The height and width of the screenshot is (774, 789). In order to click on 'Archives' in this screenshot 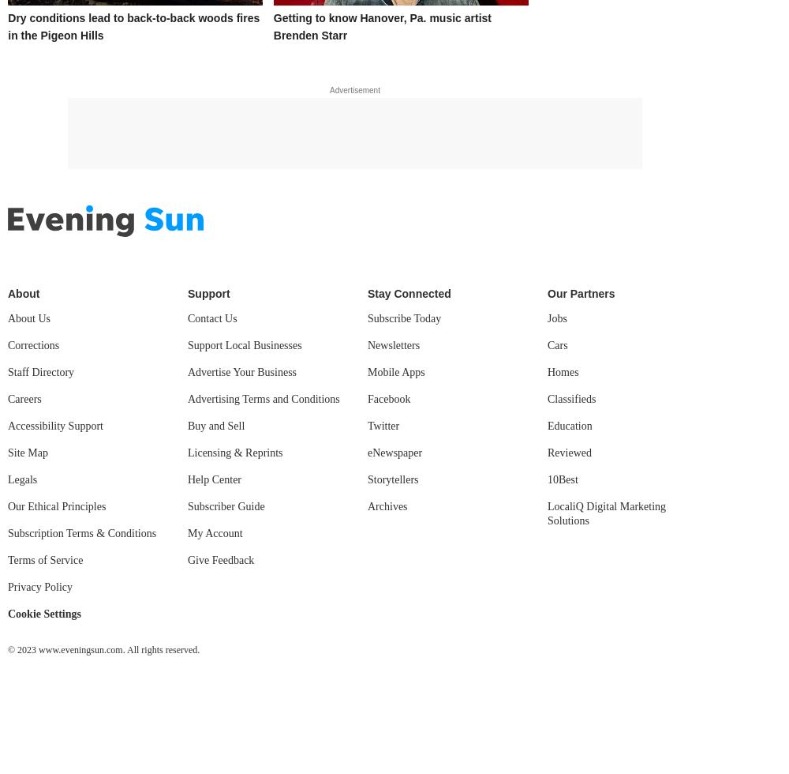, I will do `click(387, 505)`.